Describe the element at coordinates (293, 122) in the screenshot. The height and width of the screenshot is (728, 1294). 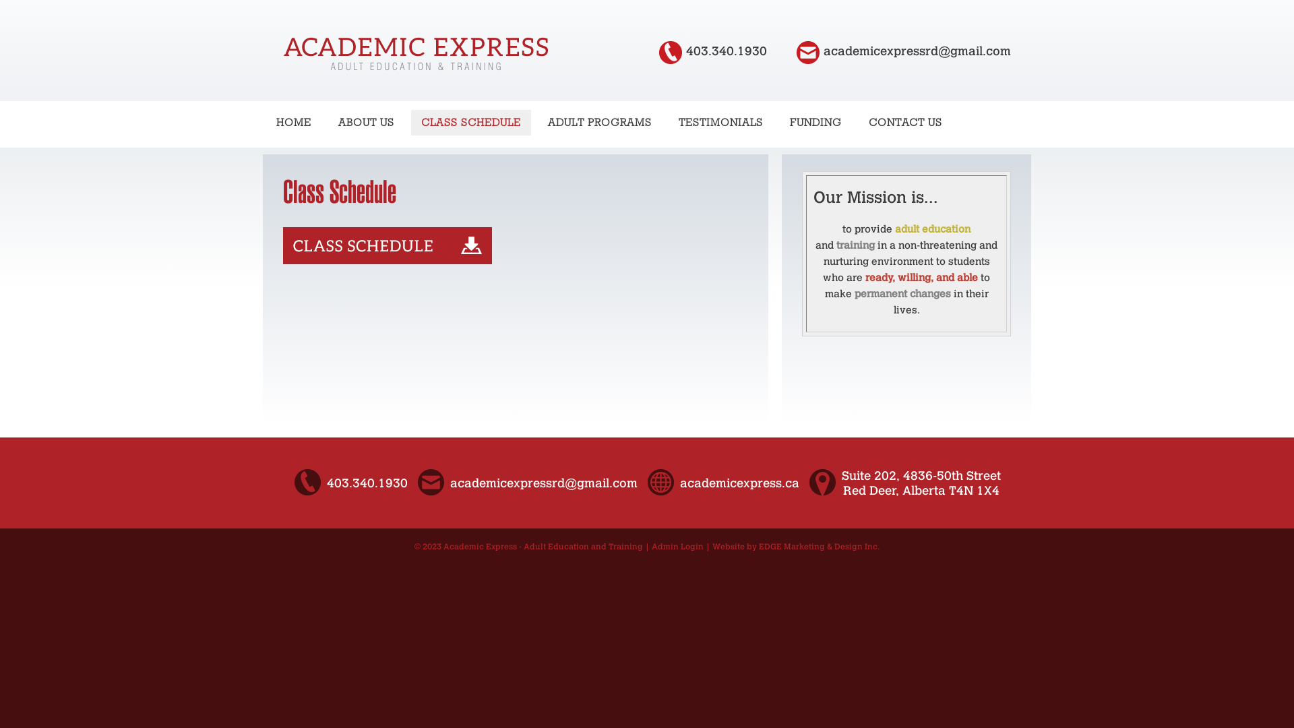
I see `'HOME'` at that location.